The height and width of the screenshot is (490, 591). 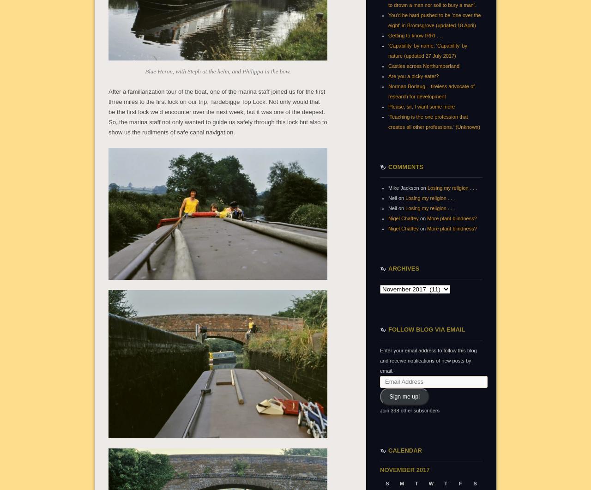 I want to click on ''Capability' by name, 'Capability' by nature (updated 27 July 2017)', so click(x=388, y=50).